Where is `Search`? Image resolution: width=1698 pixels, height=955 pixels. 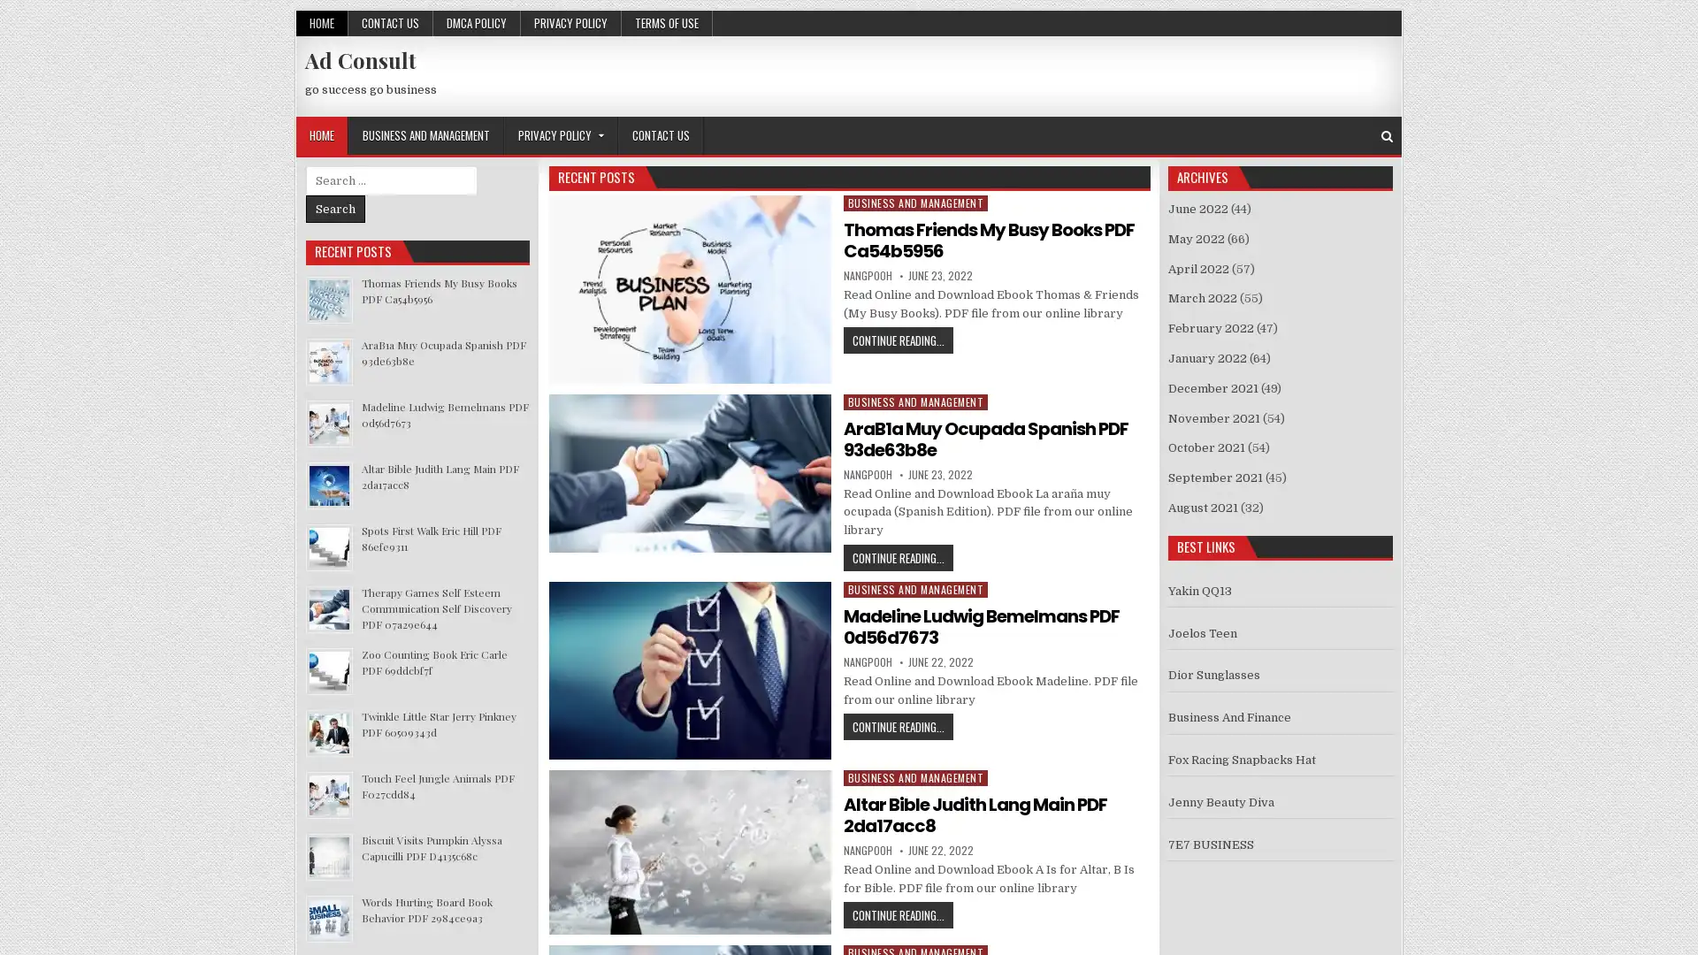 Search is located at coordinates (334, 208).